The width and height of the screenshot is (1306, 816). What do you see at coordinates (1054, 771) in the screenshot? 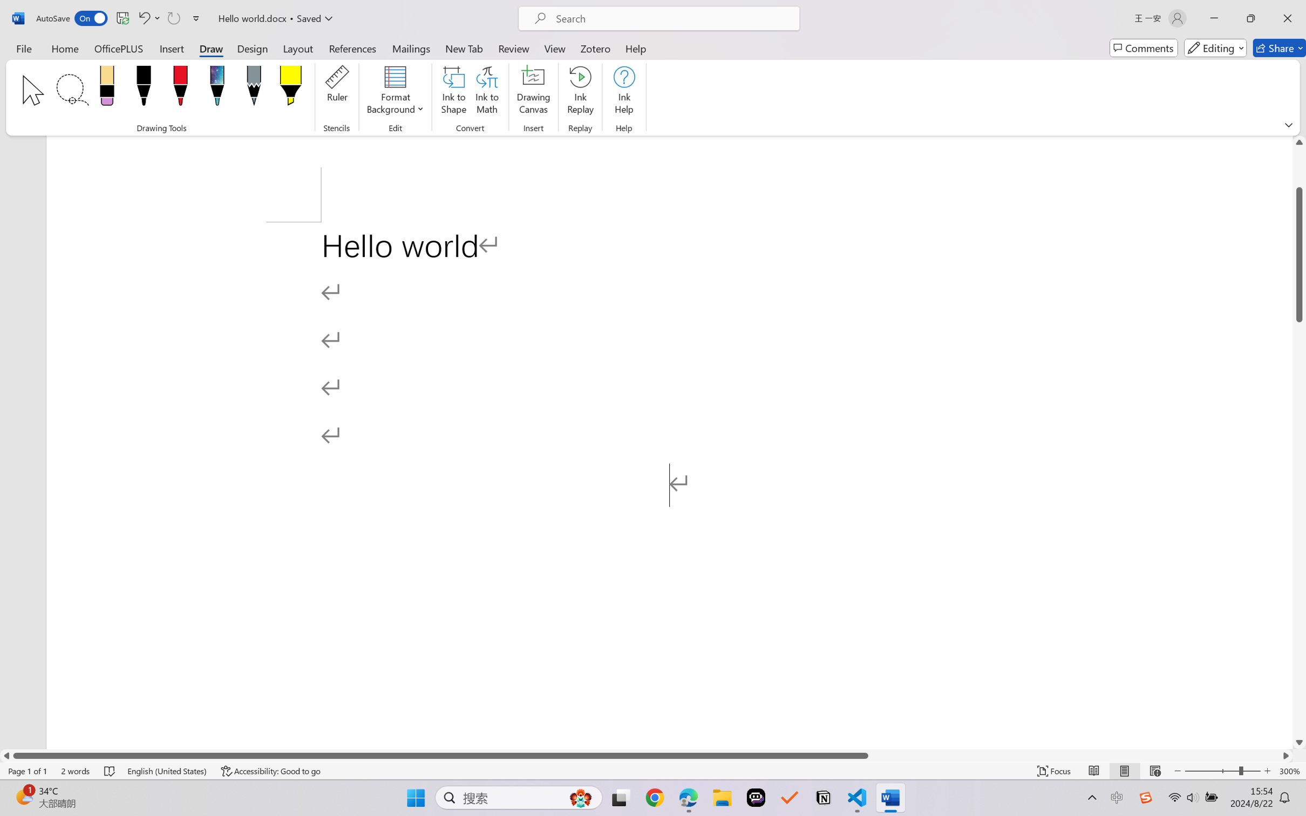
I see `'Focus '` at bounding box center [1054, 771].